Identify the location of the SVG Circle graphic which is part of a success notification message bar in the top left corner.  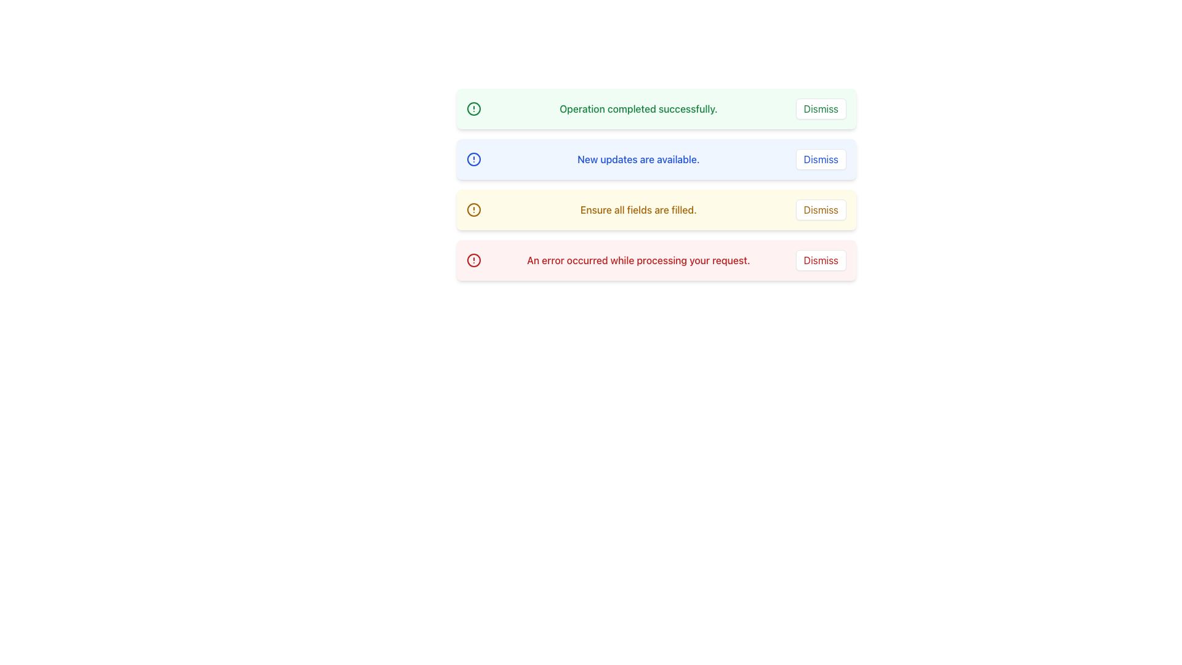
(473, 108).